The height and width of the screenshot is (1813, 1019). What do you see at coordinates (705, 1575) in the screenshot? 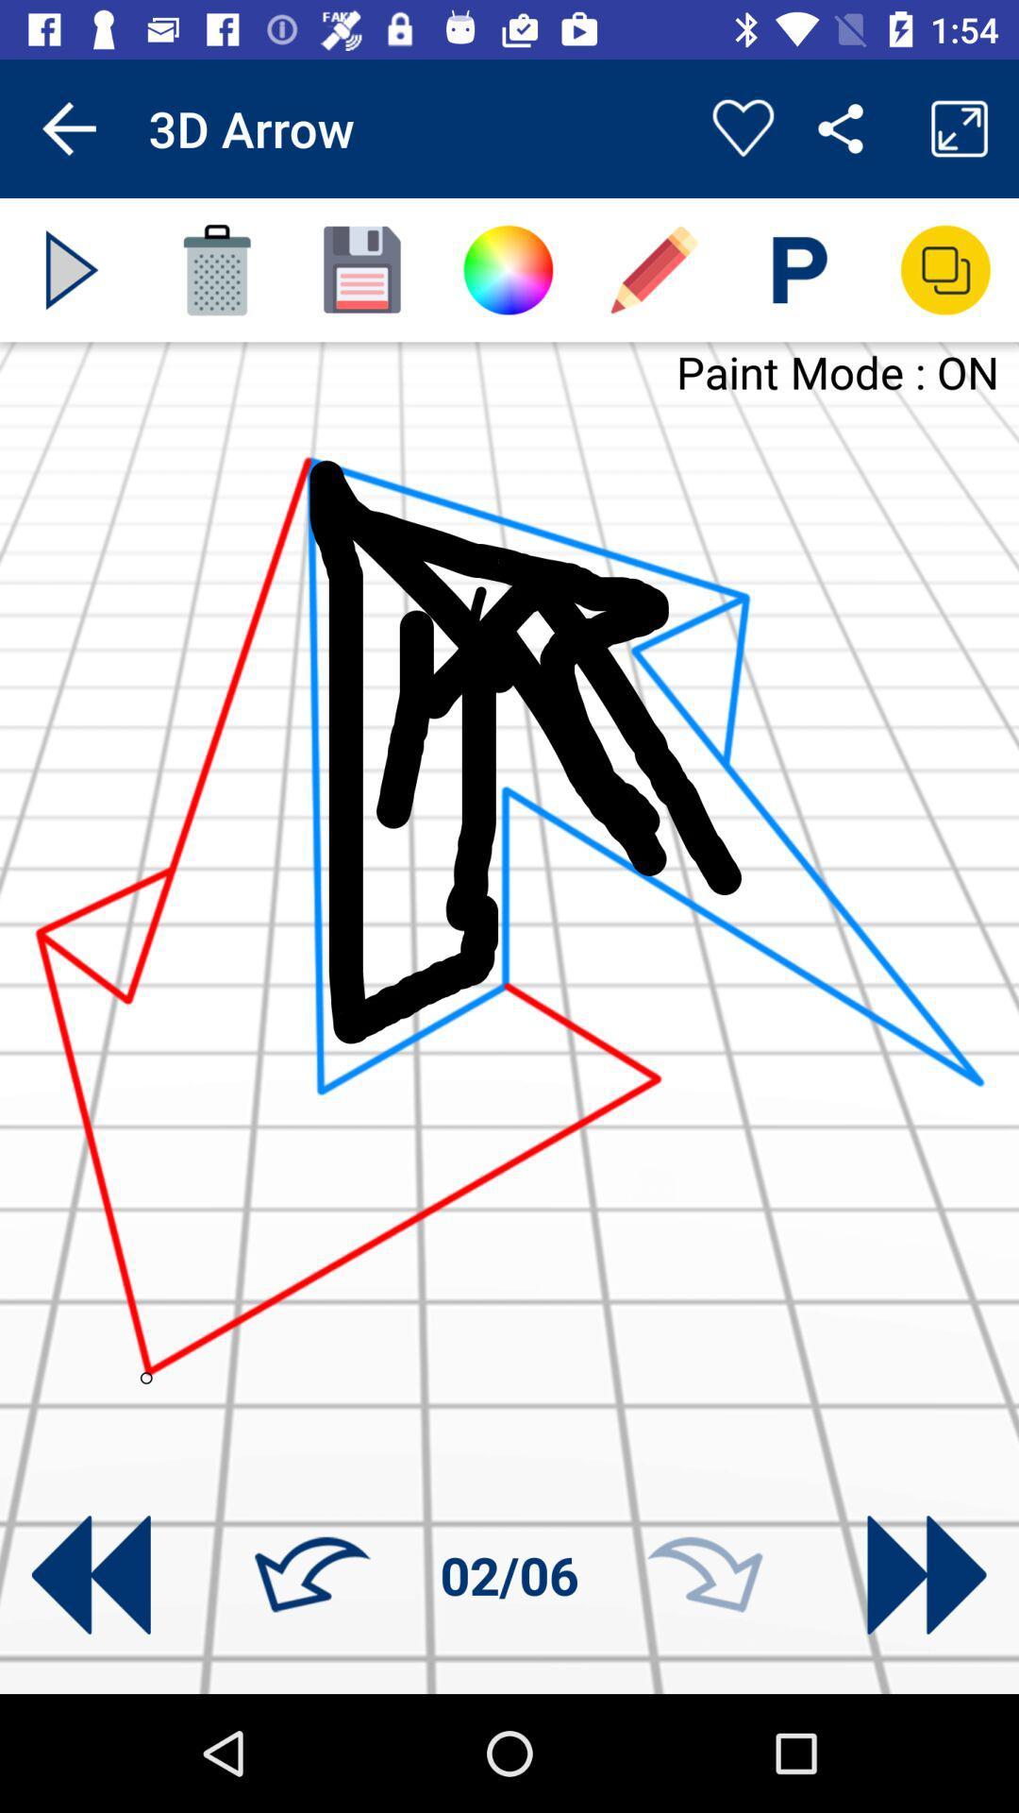
I see `the redo icon` at bounding box center [705, 1575].